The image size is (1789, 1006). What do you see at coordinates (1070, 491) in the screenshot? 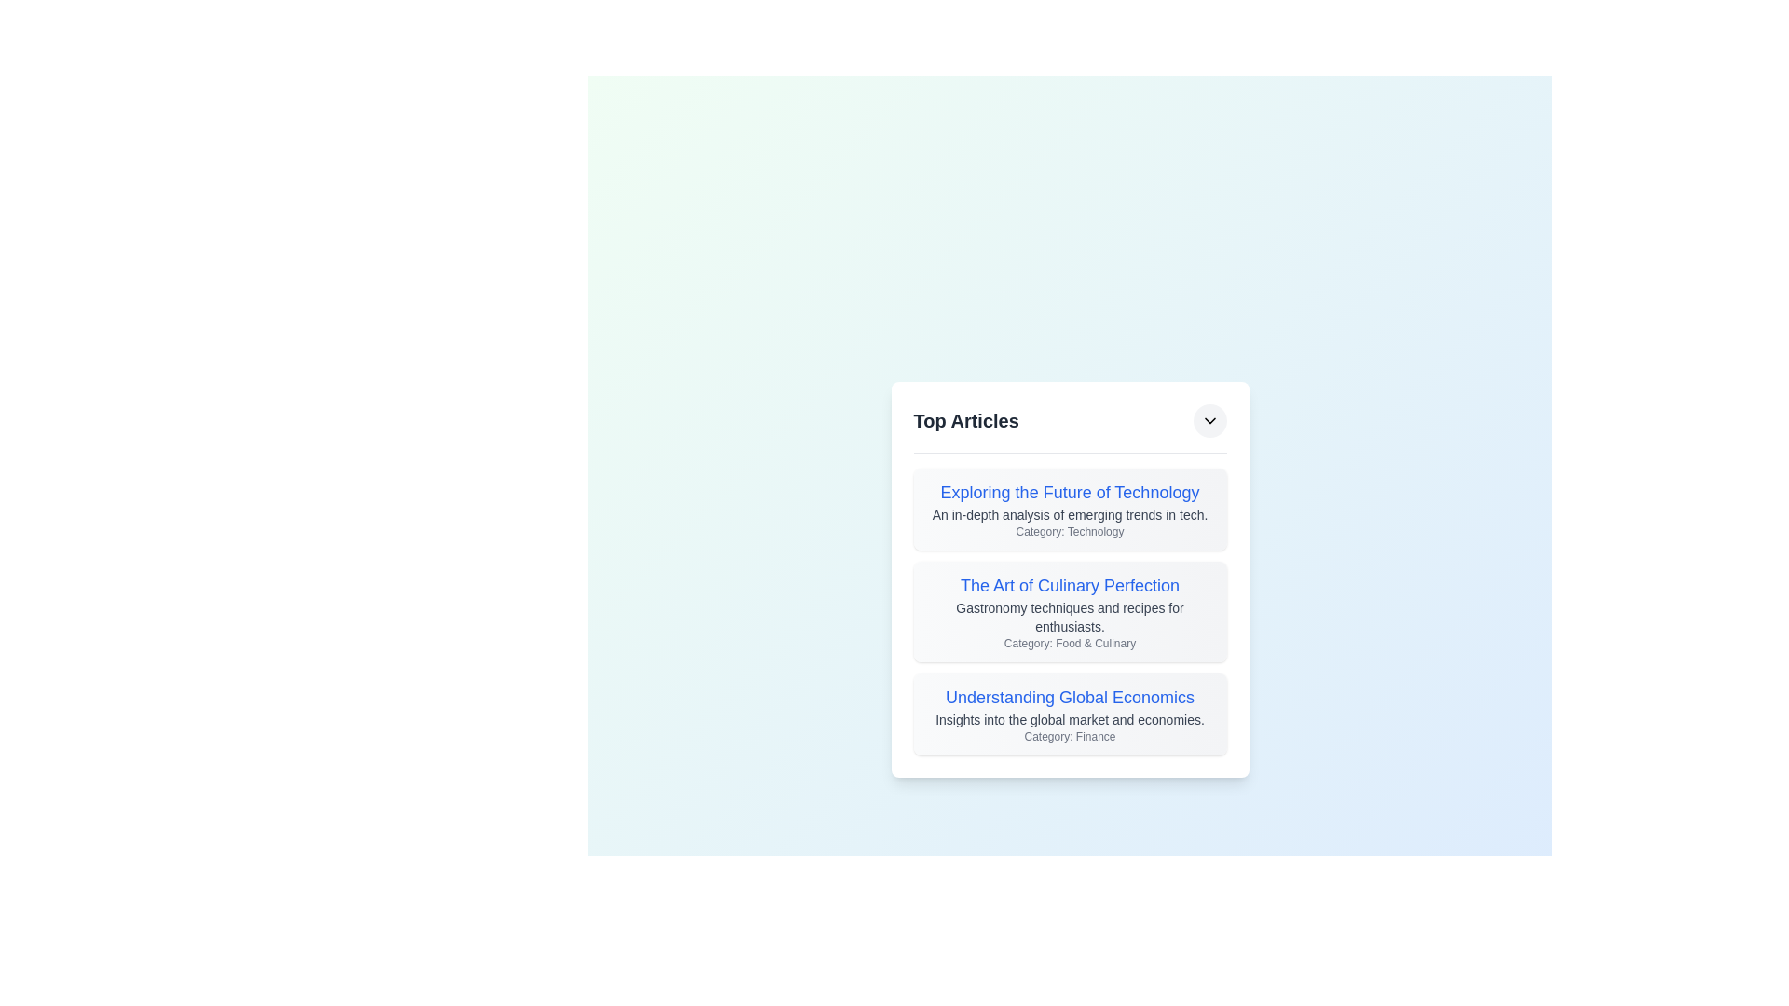
I see `the article titled 'Exploring the Future of Technology' by clicking on its title` at bounding box center [1070, 491].